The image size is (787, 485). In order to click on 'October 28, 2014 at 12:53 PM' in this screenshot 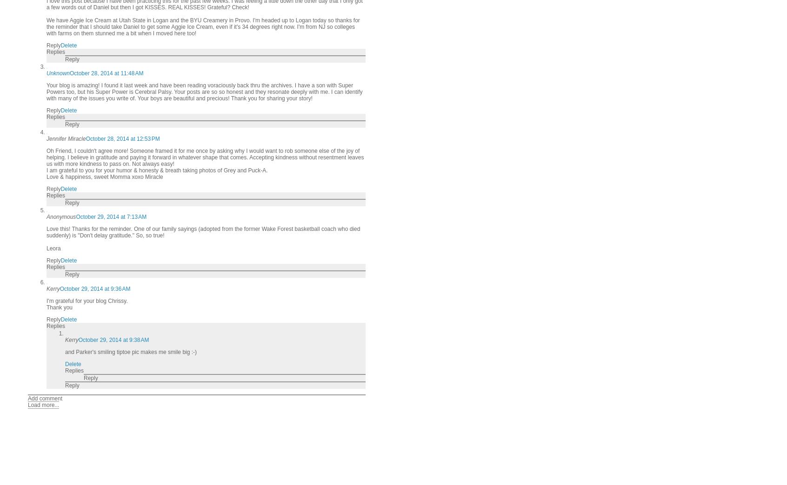, I will do `click(122, 138)`.